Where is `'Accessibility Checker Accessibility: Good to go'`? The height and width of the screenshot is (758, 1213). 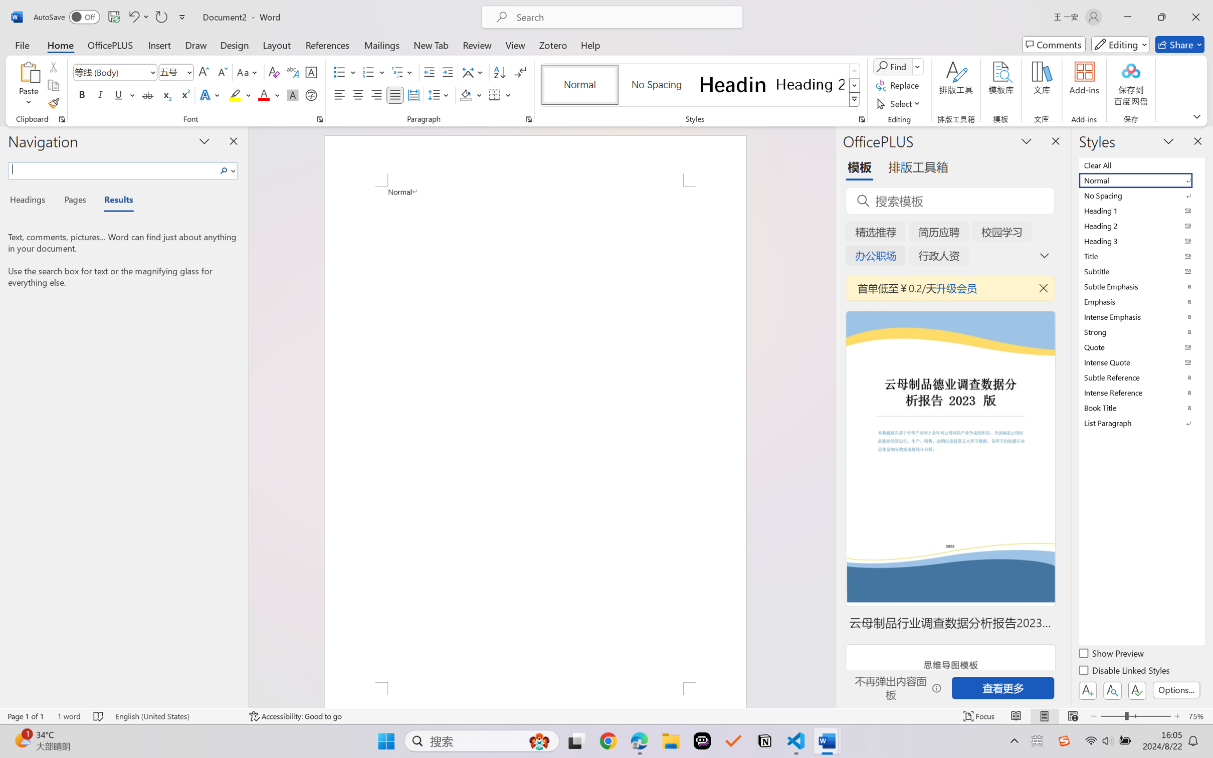 'Accessibility Checker Accessibility: Good to go' is located at coordinates (295, 716).